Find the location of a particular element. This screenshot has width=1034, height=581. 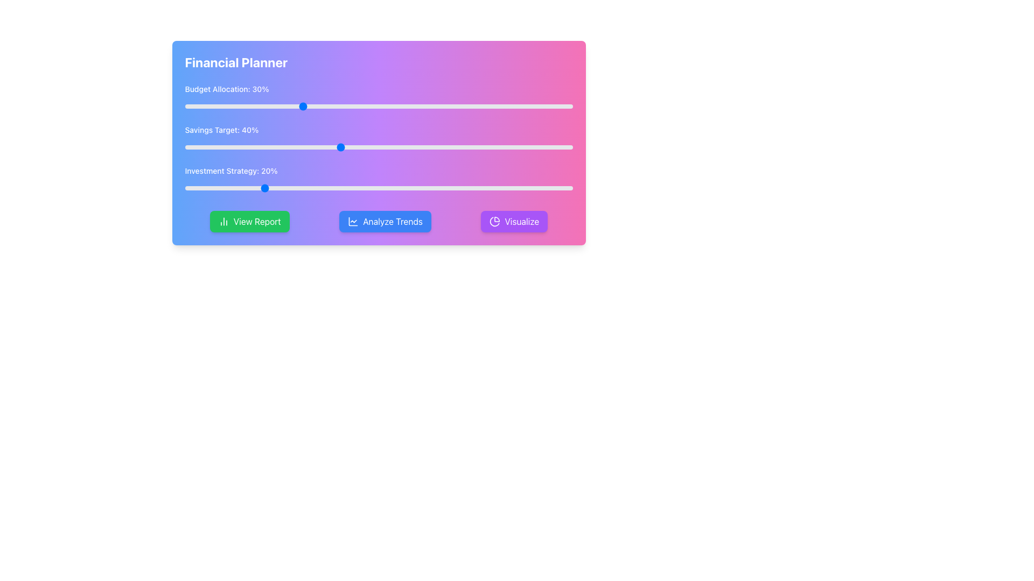

the blue handle of the slider located under the text 'Investment Strategy: 20%' is located at coordinates (379, 188).